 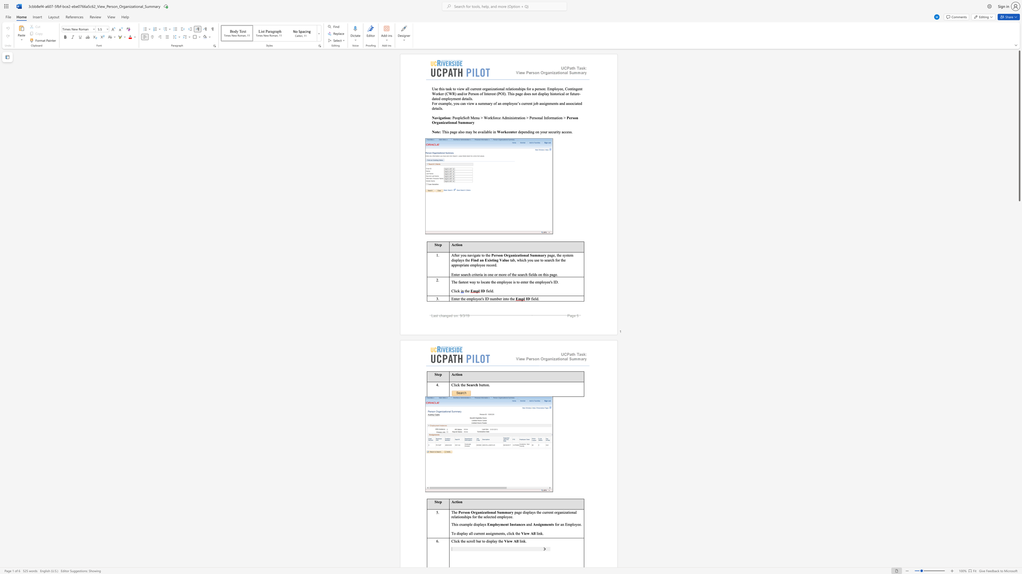 What do you see at coordinates (446, 118) in the screenshot?
I see `the space between the continuous character "i" and "o" in the text` at bounding box center [446, 118].